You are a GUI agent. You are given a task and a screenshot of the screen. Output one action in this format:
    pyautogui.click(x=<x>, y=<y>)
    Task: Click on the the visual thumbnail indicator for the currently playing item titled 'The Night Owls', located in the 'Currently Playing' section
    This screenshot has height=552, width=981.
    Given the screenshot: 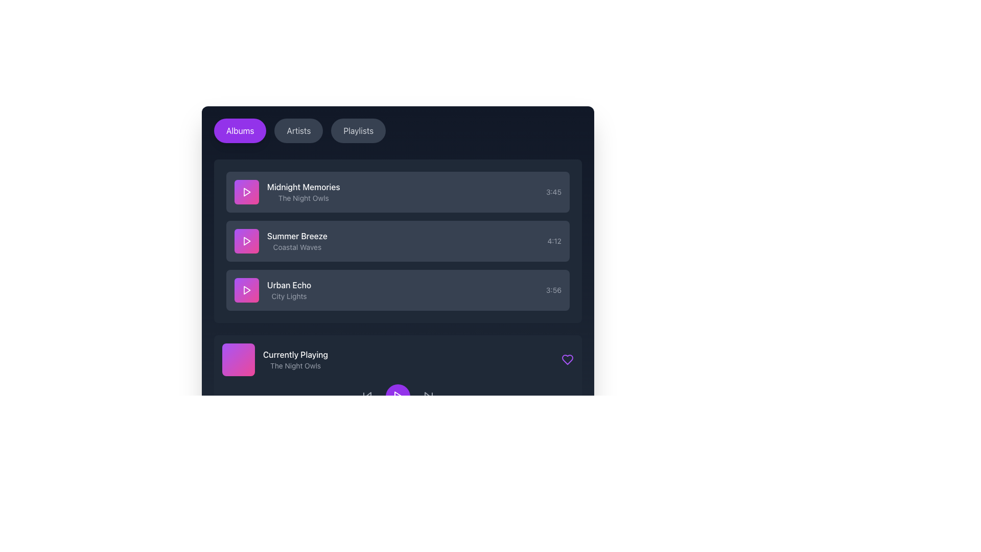 What is the action you would take?
    pyautogui.click(x=238, y=359)
    